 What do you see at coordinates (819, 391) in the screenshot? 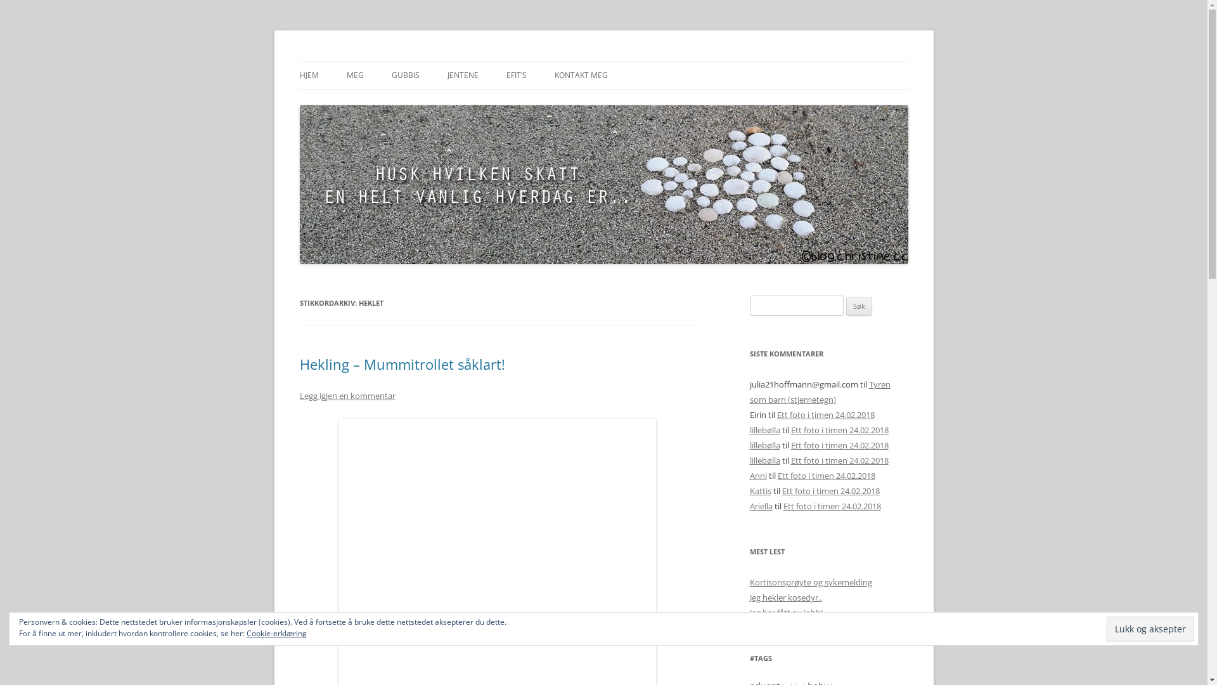
I see `'Tyren som barn (stjernetegn)'` at bounding box center [819, 391].